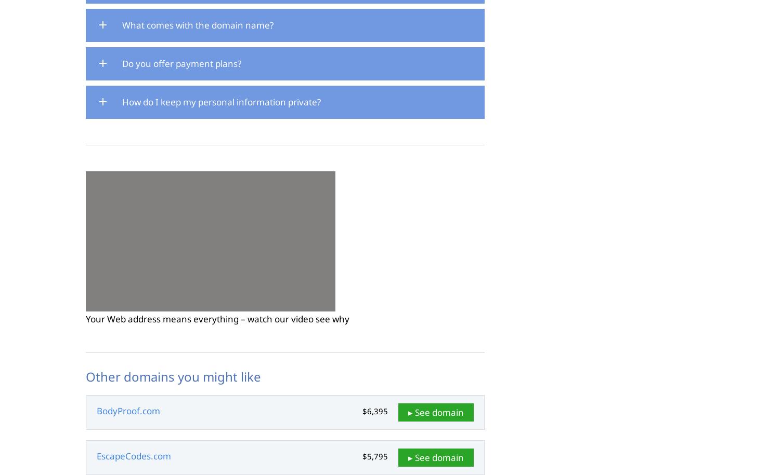 The image size is (780, 475). Describe the element at coordinates (122, 25) in the screenshot. I see `'What comes with the domain name?'` at that location.